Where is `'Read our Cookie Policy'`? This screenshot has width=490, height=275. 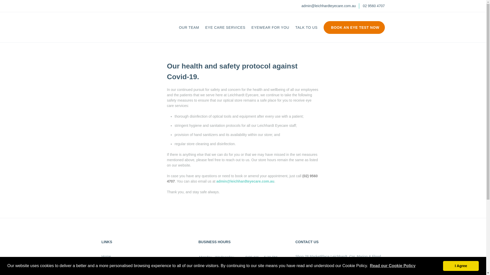 'Read our Cookie Policy' is located at coordinates (392, 266).